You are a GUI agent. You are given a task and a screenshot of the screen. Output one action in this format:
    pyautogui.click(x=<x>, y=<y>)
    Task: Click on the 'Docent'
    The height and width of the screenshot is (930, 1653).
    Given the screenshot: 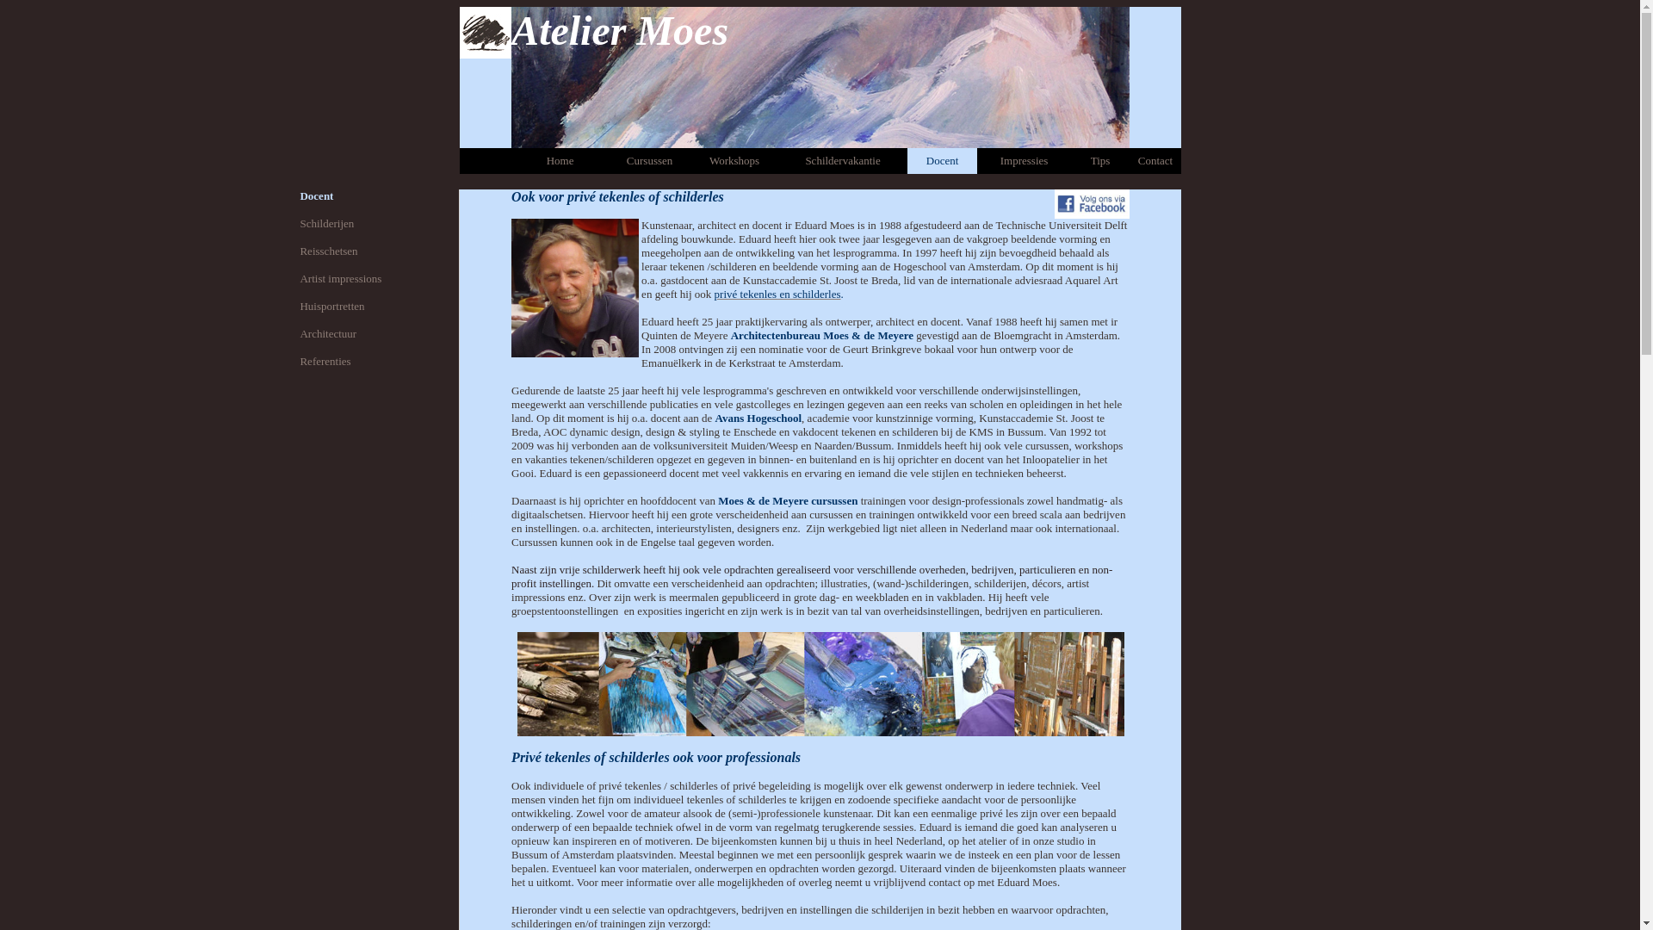 What is the action you would take?
    pyautogui.click(x=941, y=160)
    